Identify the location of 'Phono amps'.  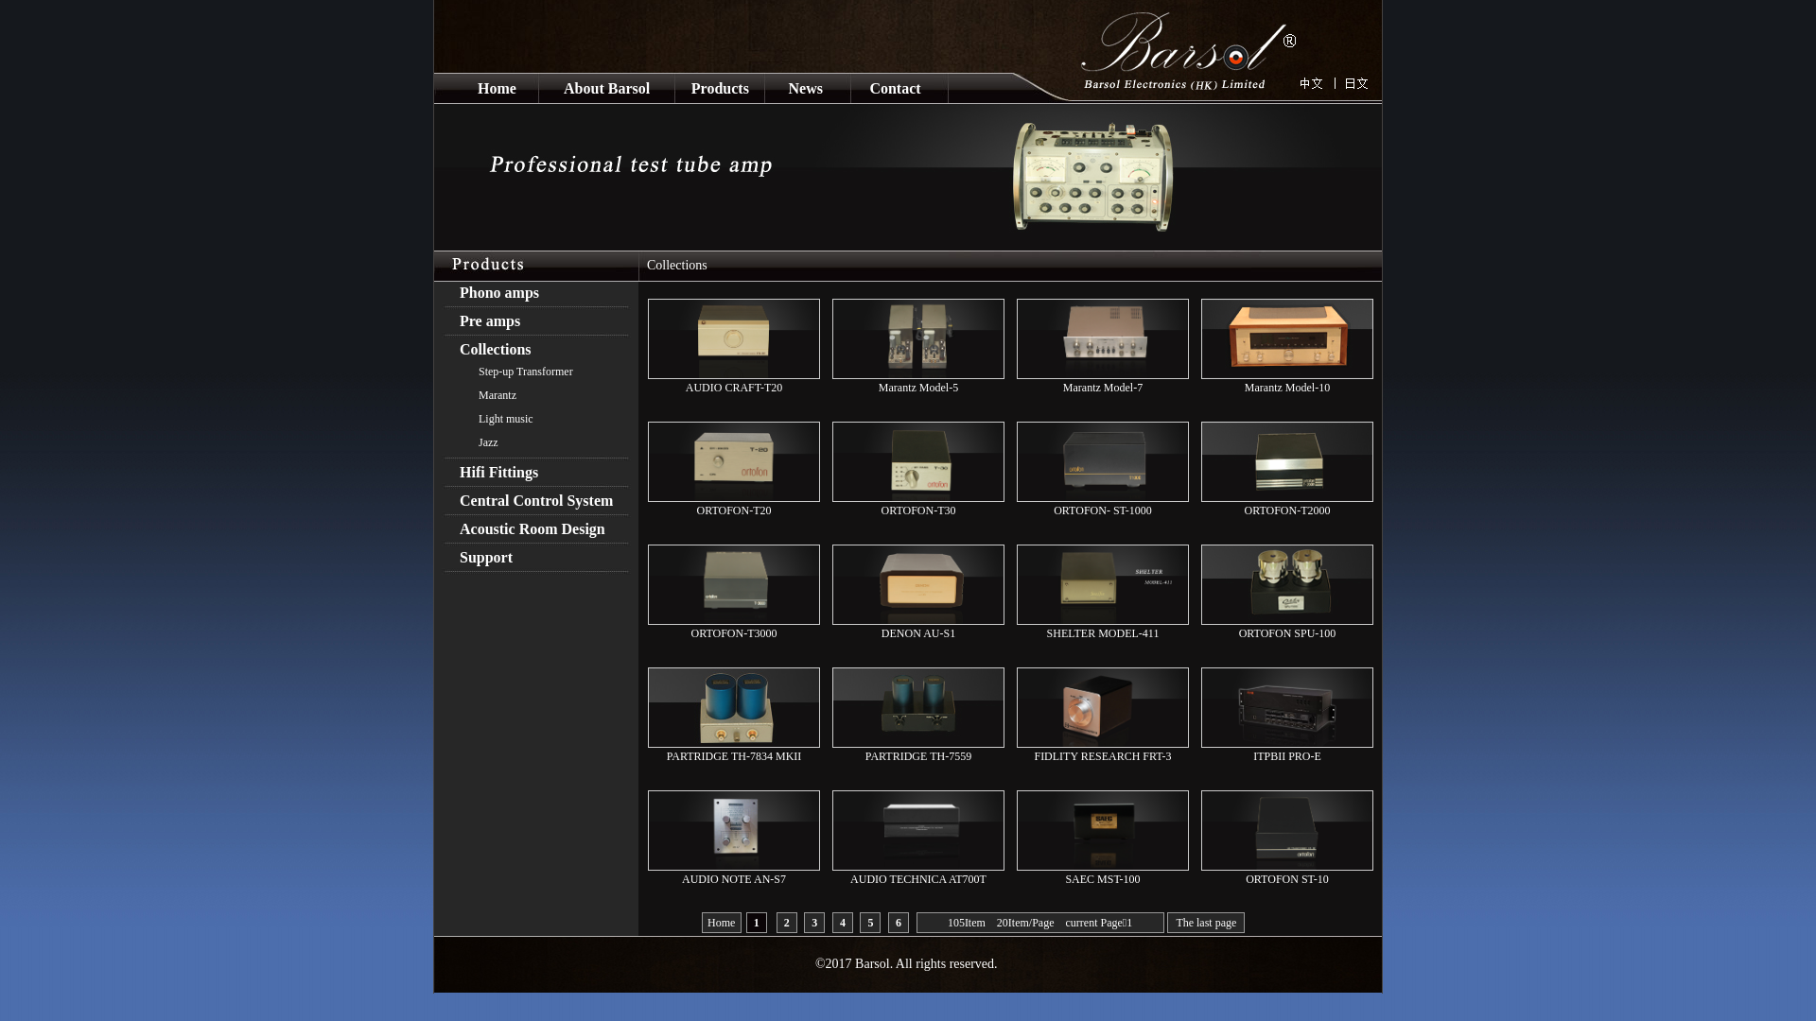
(534, 292).